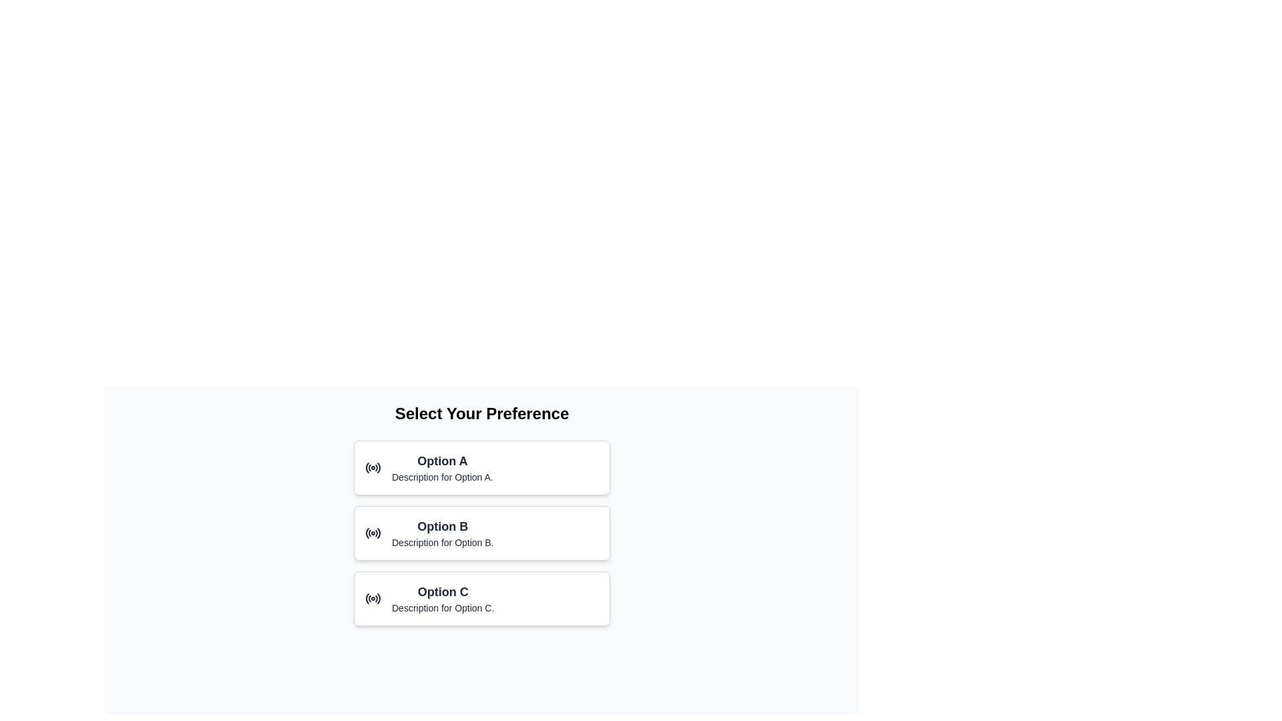  Describe the element at coordinates (378, 532) in the screenshot. I see `the rightmost arc of the circular radio button UI component for 'Option B', which is styled with a 2px width stroke` at that location.